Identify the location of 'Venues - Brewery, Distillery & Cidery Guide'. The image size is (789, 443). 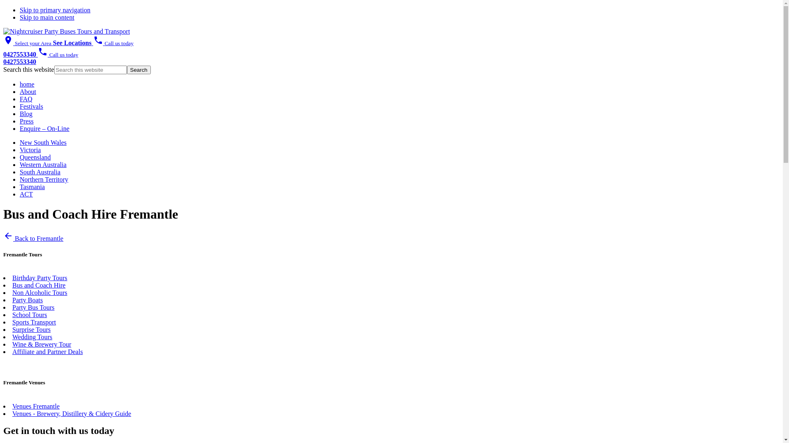
(72, 413).